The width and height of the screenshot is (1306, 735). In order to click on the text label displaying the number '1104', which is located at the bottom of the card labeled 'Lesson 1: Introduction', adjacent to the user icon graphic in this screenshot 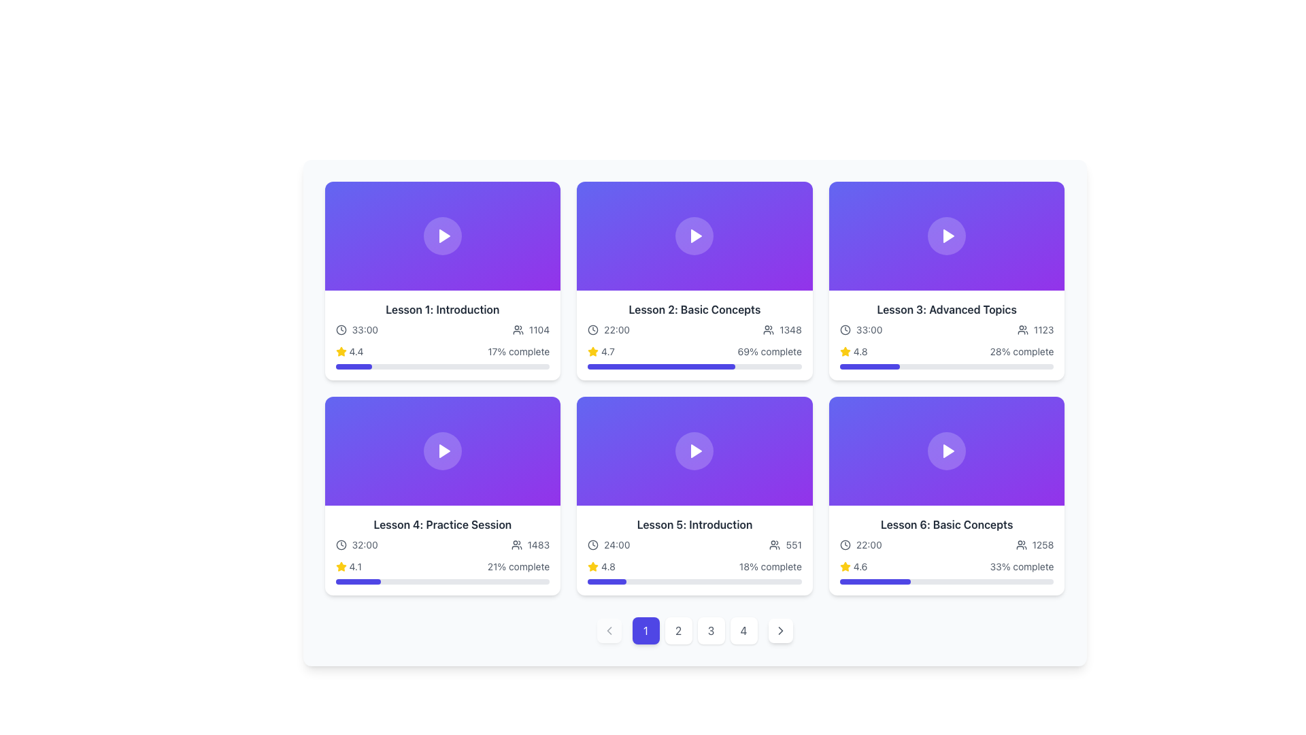, I will do `click(538, 330)`.